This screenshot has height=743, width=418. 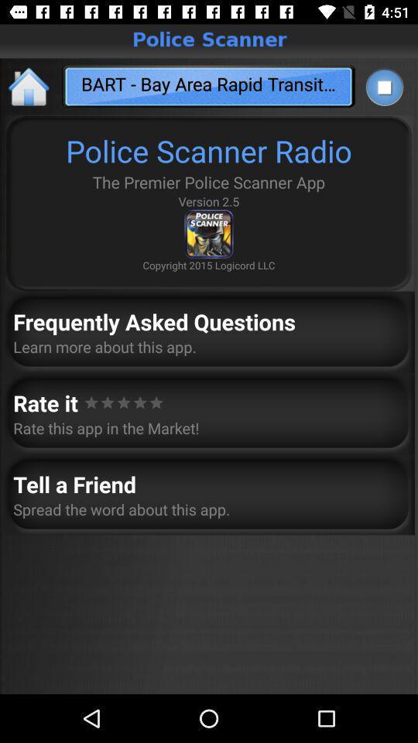 What do you see at coordinates (29, 86) in the screenshot?
I see `app next to bart bay area app` at bounding box center [29, 86].